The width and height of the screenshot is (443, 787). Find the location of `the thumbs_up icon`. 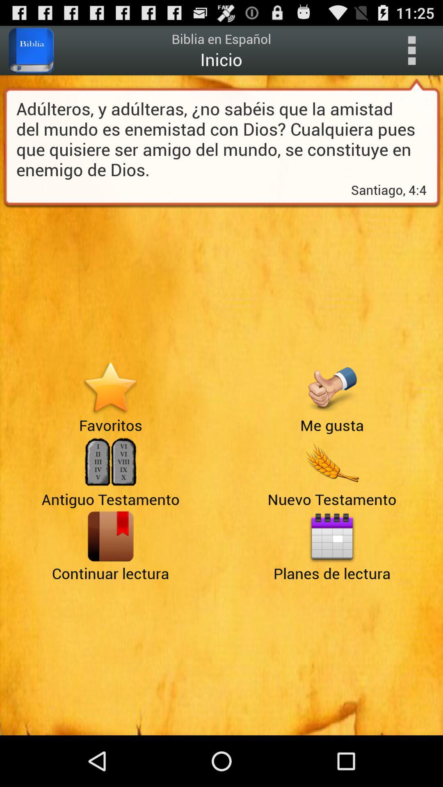

the thumbs_up icon is located at coordinates (331, 415).